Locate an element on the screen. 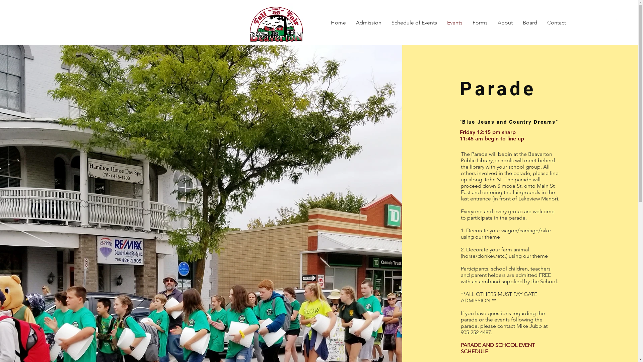 The height and width of the screenshot is (362, 643). 'Home' is located at coordinates (338, 22).